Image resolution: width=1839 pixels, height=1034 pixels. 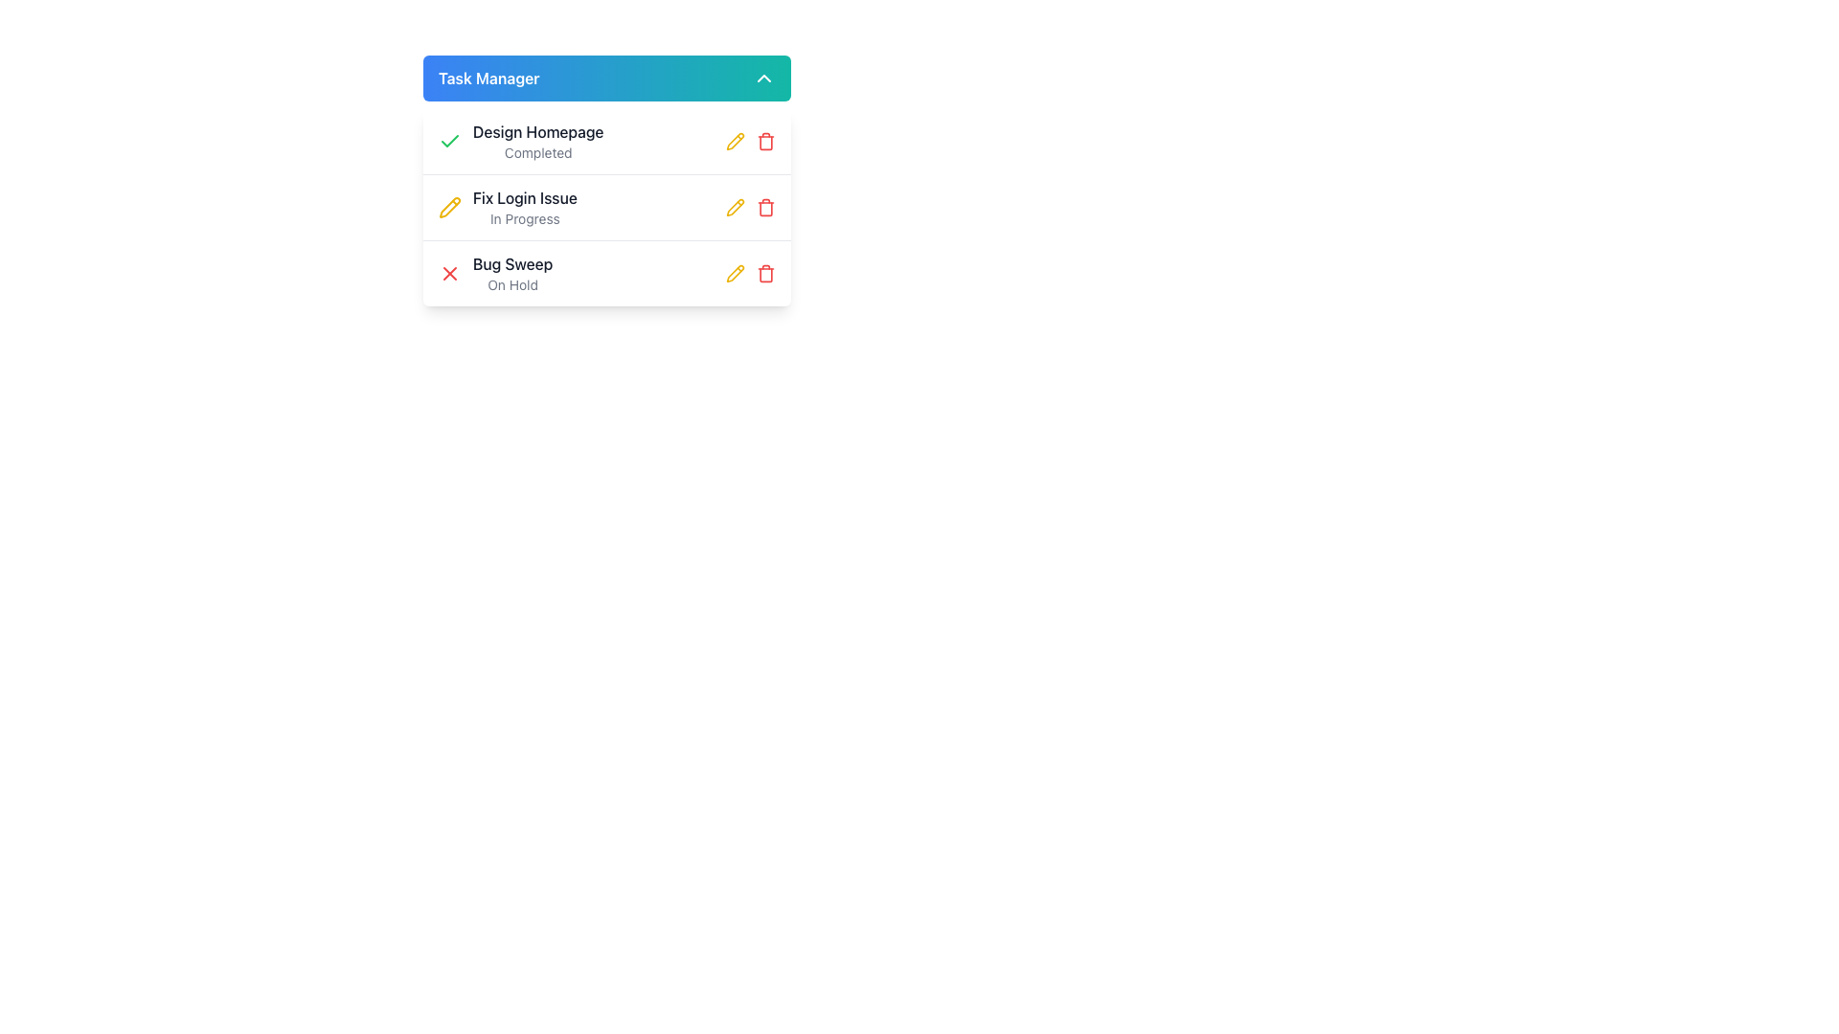 I want to click on the status indicator text label that displays 'On Hold', located directly below the 'Bug Sweep' task title, so click(x=512, y=284).